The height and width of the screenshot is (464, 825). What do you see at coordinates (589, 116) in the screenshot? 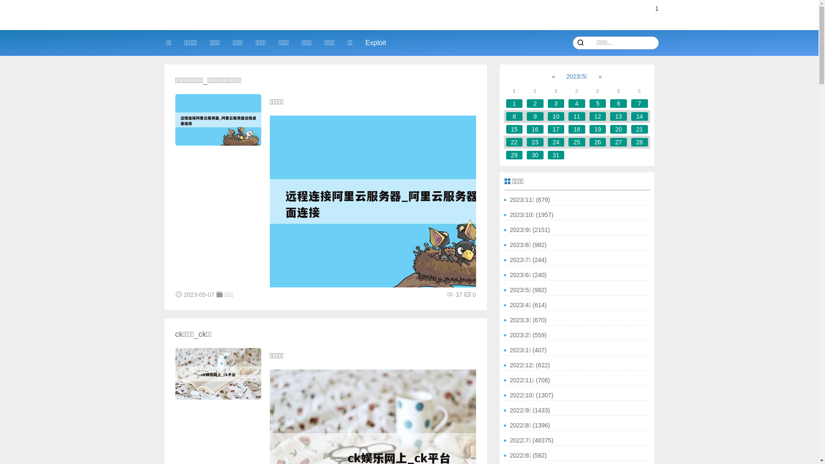
I see `'12'` at bounding box center [589, 116].